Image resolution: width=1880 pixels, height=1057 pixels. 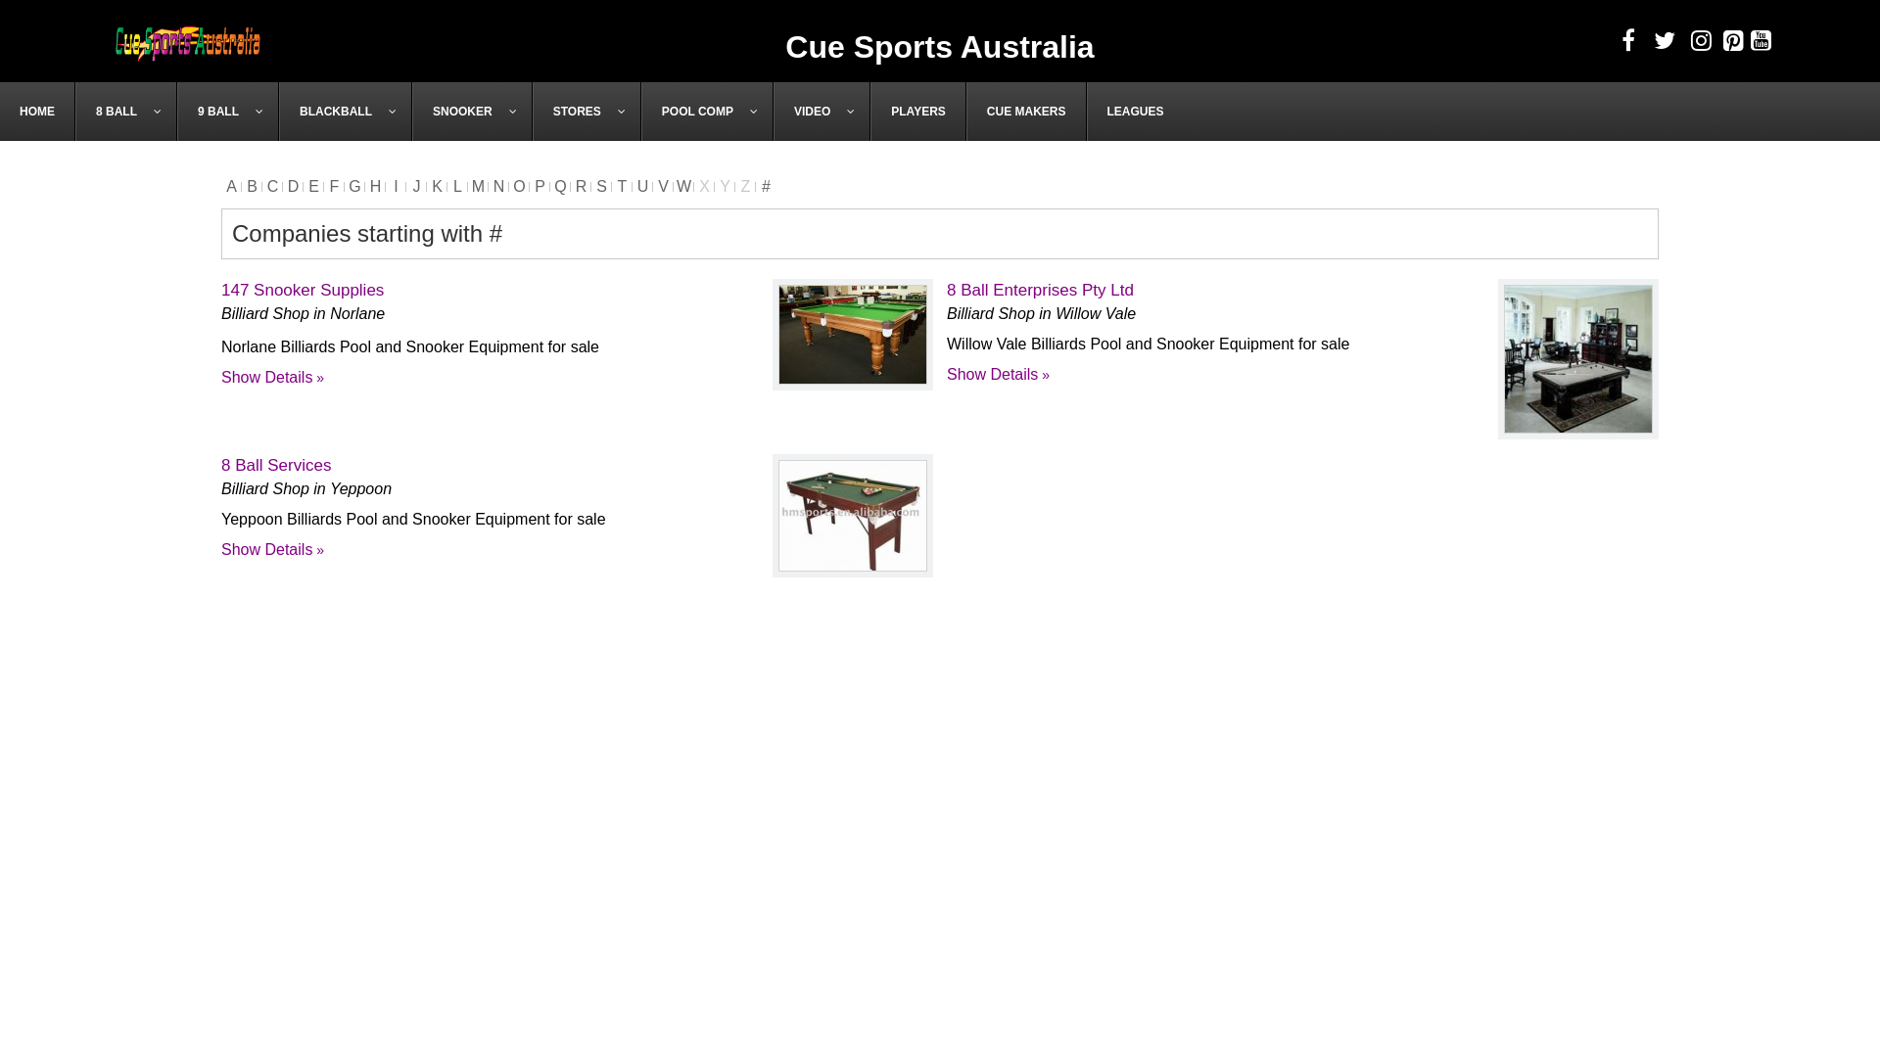 I want to click on 'H', so click(x=365, y=186).